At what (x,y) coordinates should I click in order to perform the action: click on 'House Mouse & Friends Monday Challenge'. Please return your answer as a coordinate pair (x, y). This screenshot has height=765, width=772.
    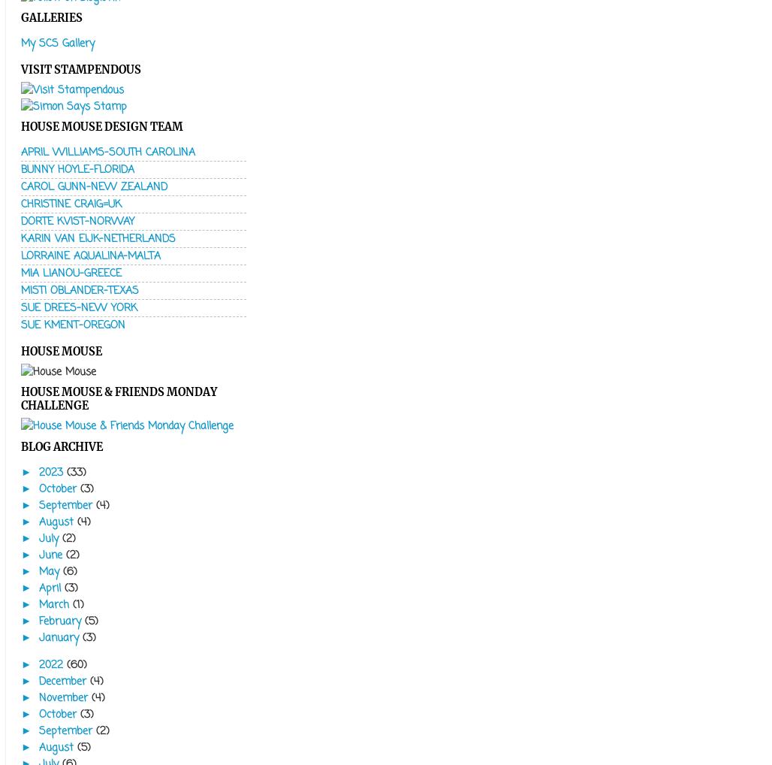
    Looking at the image, I should click on (119, 398).